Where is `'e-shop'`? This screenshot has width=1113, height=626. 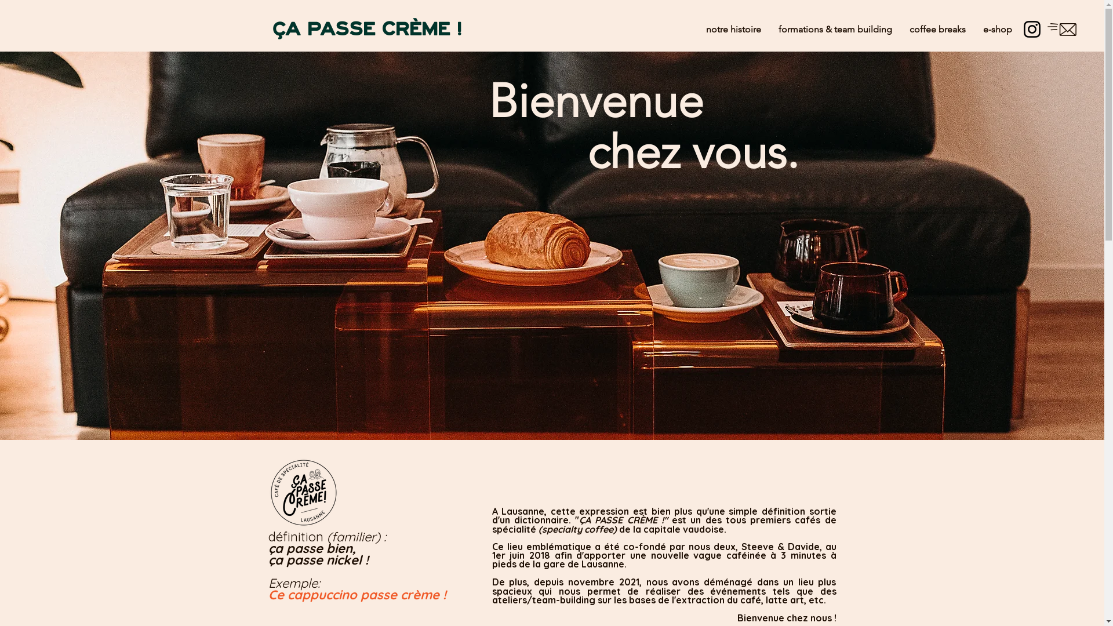
'e-shop' is located at coordinates (974, 28).